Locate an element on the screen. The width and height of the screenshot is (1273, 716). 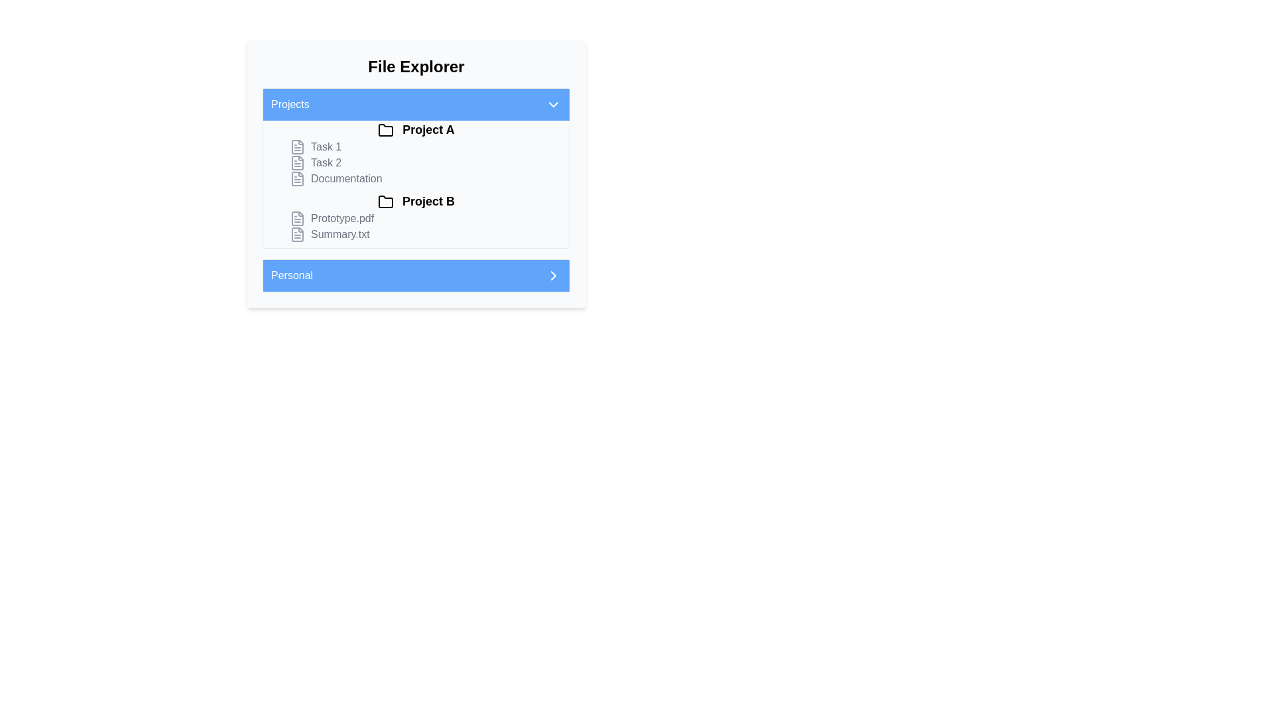
the document icon located in the 'Projects' section of the File Explorer interface, which is positioned immediately to the left of the 'Documentation' text is located at coordinates (297, 179).